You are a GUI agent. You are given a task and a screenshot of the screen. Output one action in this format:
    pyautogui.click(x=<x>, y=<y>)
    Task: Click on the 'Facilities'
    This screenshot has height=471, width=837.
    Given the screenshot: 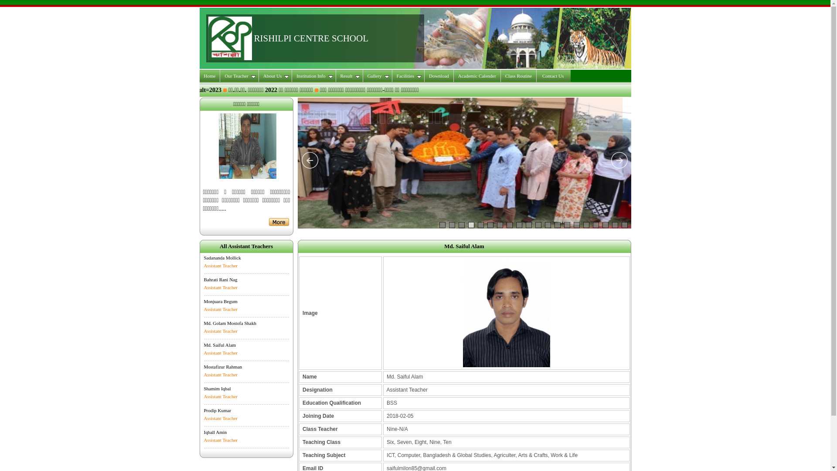 What is the action you would take?
    pyautogui.click(x=408, y=75)
    